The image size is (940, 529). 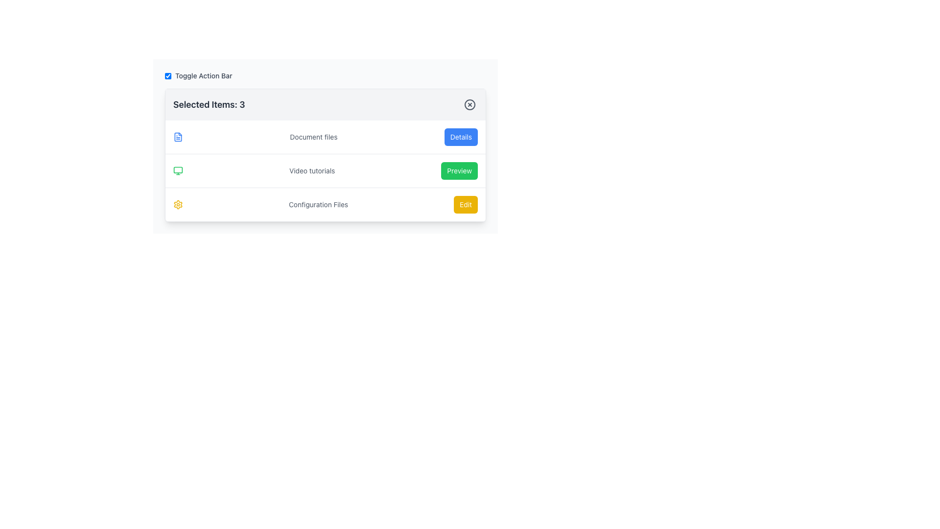 I want to click on the close button located in the top-right corner of the Action Bar section, which is associated with the 'Selected Items: 3' label, so click(x=470, y=104).